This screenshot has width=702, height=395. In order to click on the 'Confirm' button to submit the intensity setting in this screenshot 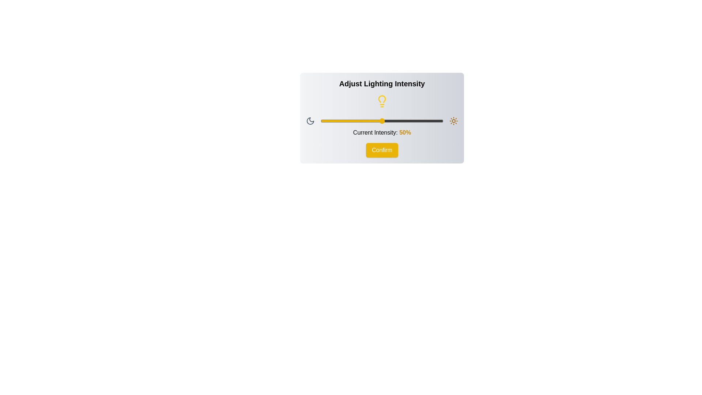, I will do `click(382, 150)`.